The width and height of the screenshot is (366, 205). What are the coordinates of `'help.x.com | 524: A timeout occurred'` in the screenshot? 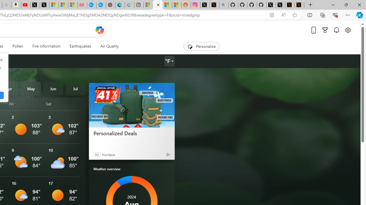 It's located at (214, 5).